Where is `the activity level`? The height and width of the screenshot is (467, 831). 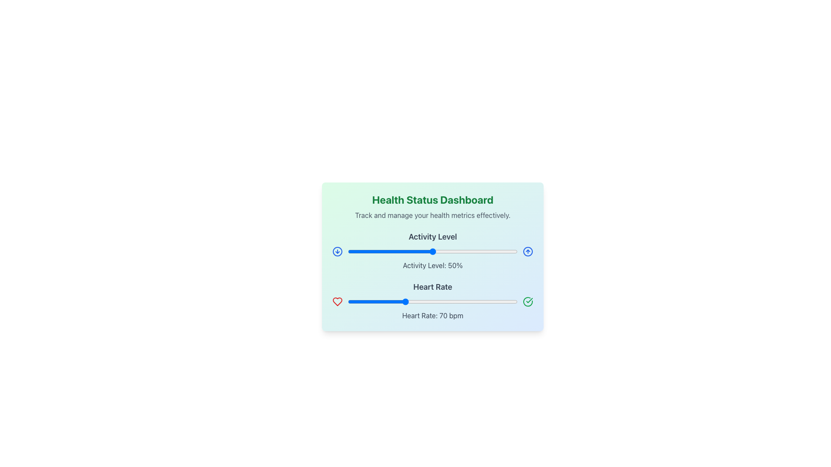 the activity level is located at coordinates (475, 252).